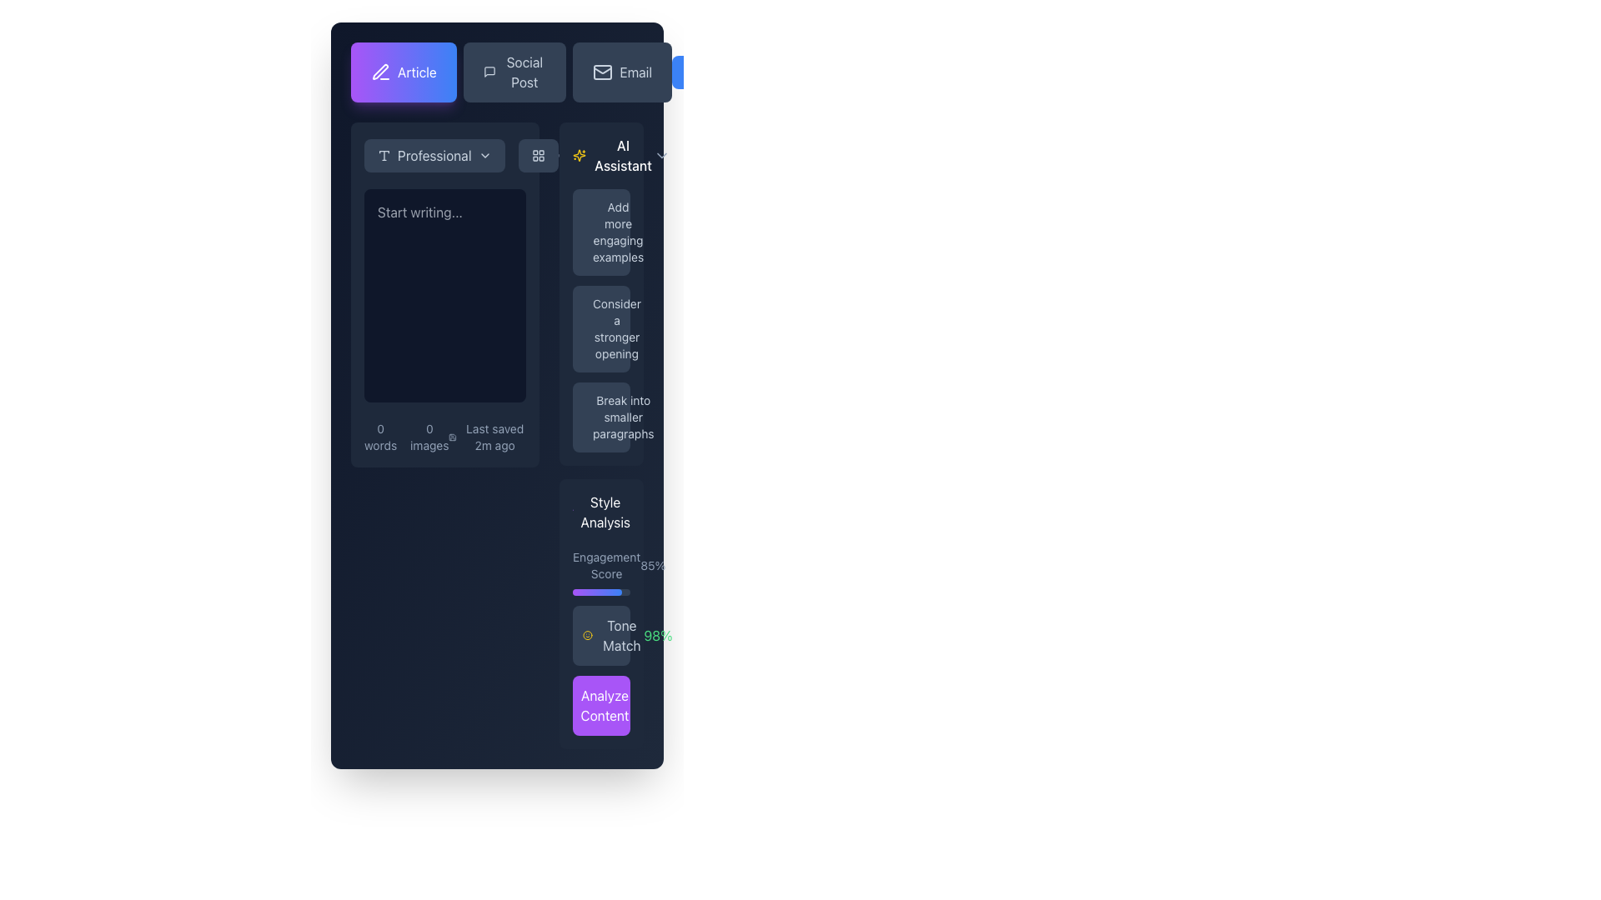  Describe the element at coordinates (494, 436) in the screenshot. I see `text label displaying 'Last saved 2m ago', located in the bottom-right section of the dark-themed panel, near the save icon and under the main text input area` at that location.